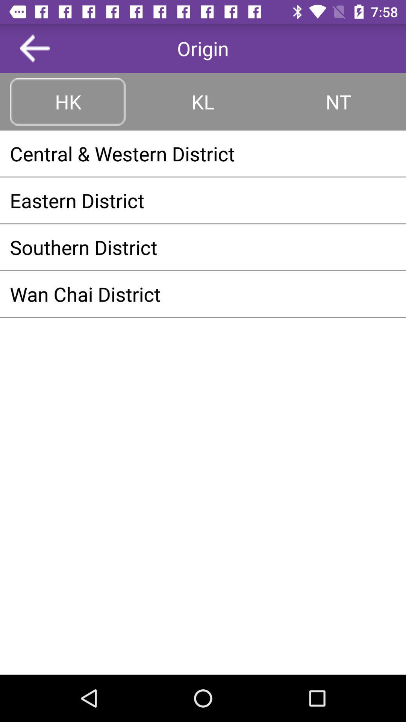 Image resolution: width=406 pixels, height=722 pixels. What do you see at coordinates (203, 200) in the screenshot?
I see `the icon above the southern district icon` at bounding box center [203, 200].